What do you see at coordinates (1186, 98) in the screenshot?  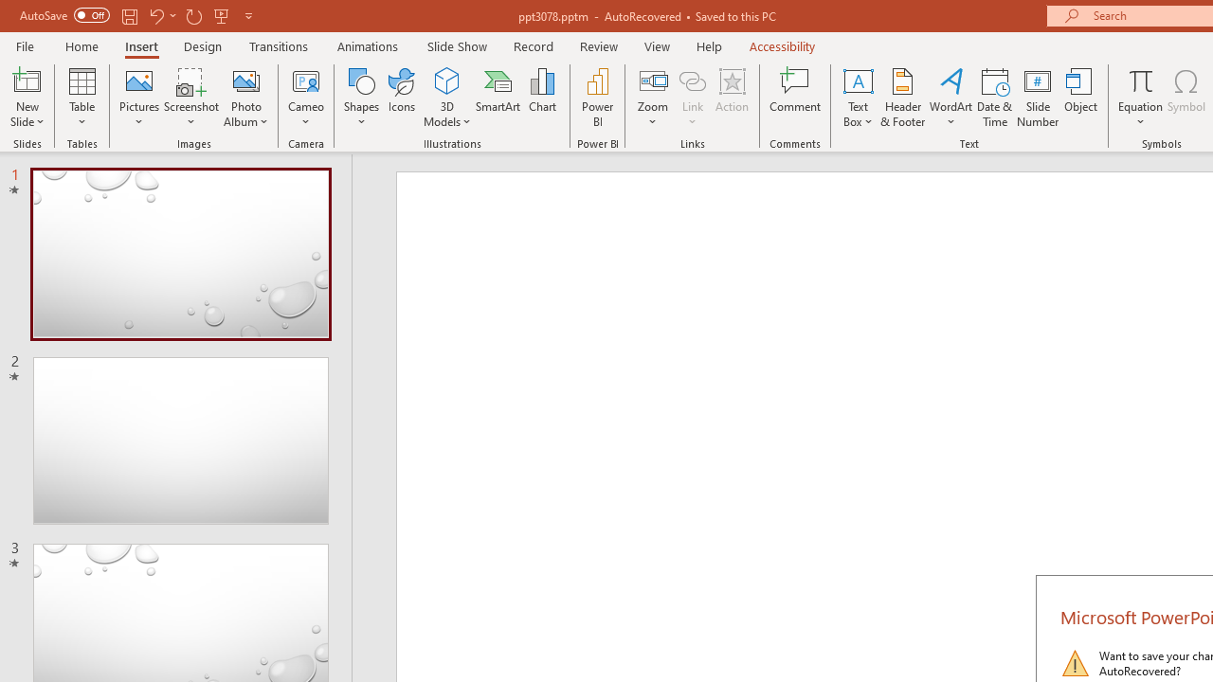 I see `'Symbol...'` at bounding box center [1186, 98].